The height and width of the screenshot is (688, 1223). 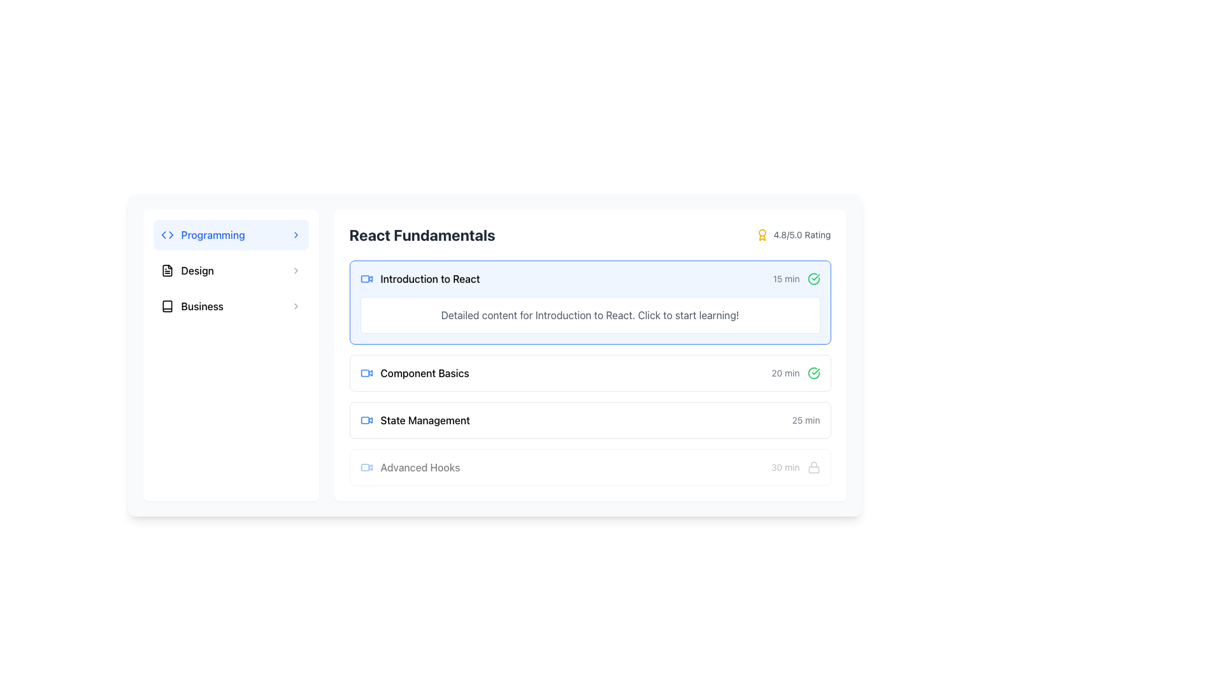 I want to click on the locked course module indicator for 'Advanced Hooks' located at the far-right end of its row, so click(x=795, y=467).